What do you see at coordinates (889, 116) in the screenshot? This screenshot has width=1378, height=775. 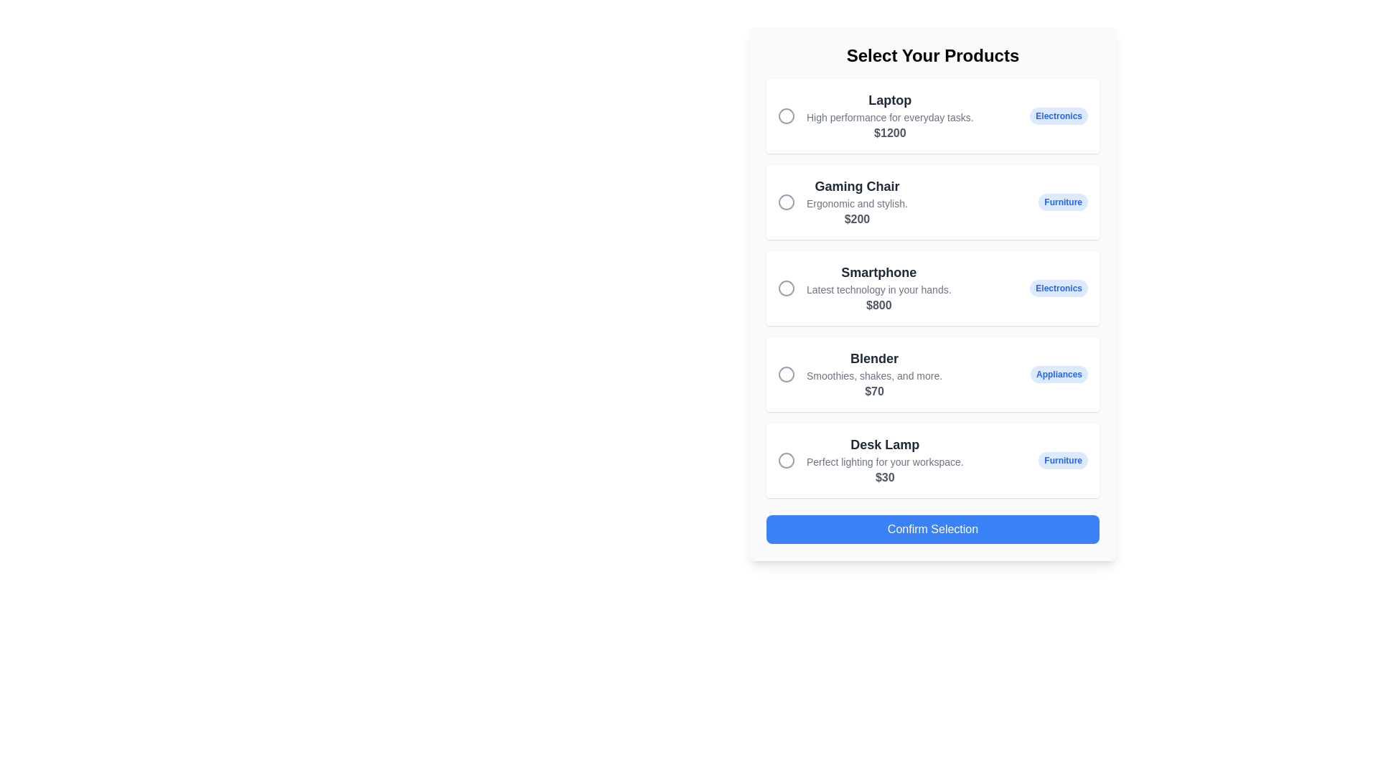 I see `the Text Block displaying the title 'Laptop', which includes a description and price, positioned as the first item in the product list` at bounding box center [889, 116].